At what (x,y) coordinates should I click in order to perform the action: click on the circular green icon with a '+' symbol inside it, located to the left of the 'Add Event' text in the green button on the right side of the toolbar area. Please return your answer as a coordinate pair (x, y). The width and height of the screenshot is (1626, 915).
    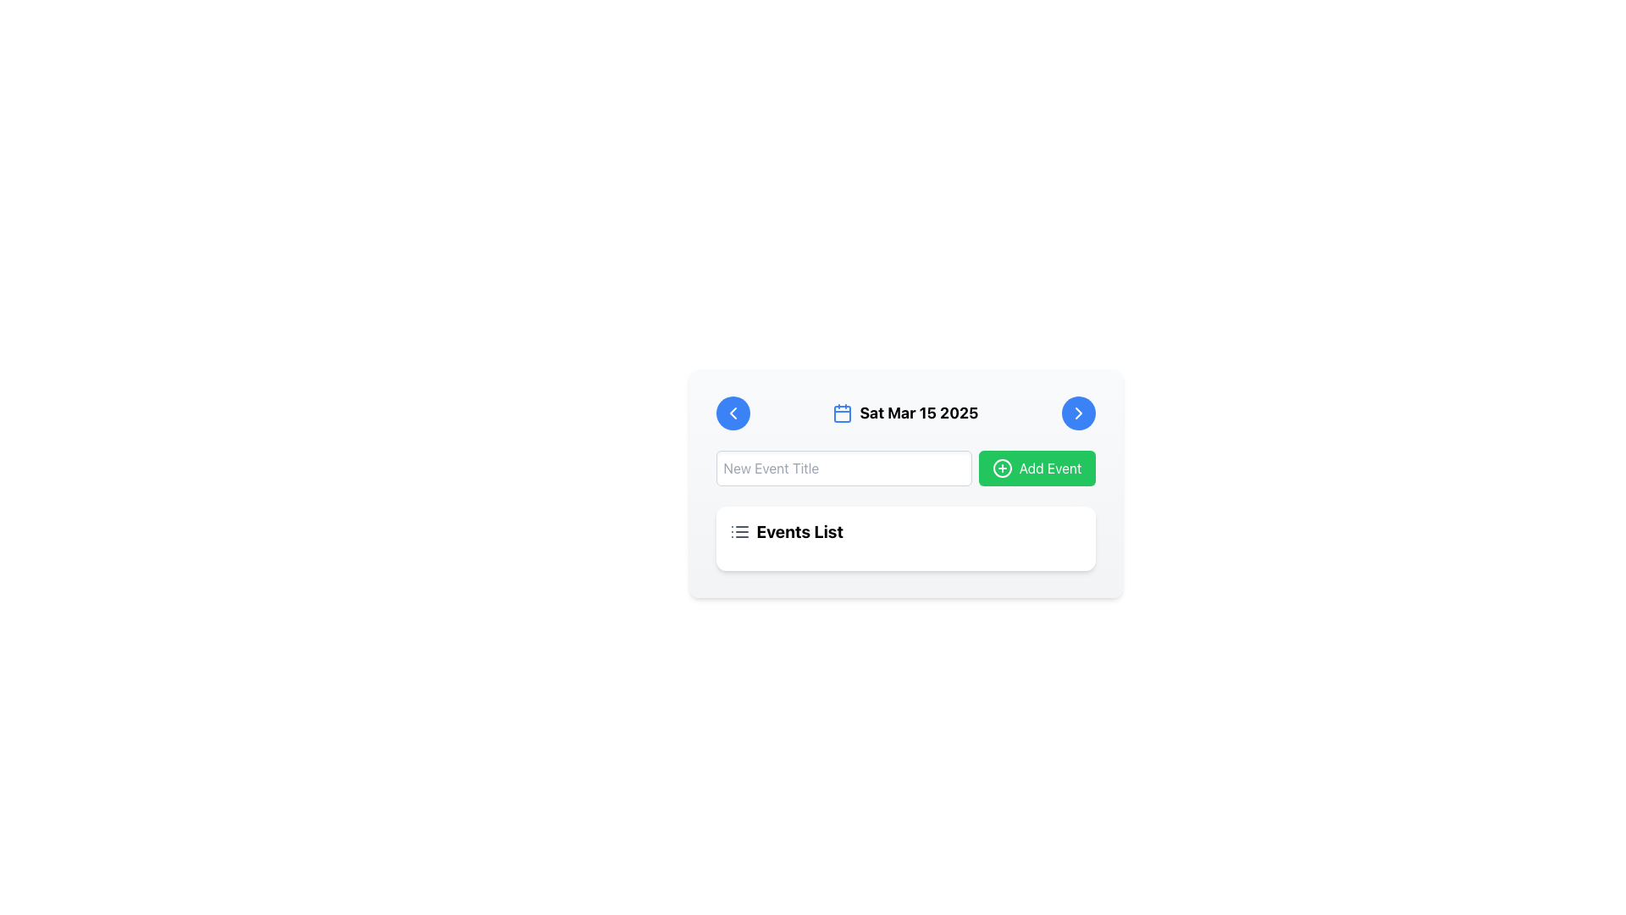
    Looking at the image, I should click on (1002, 468).